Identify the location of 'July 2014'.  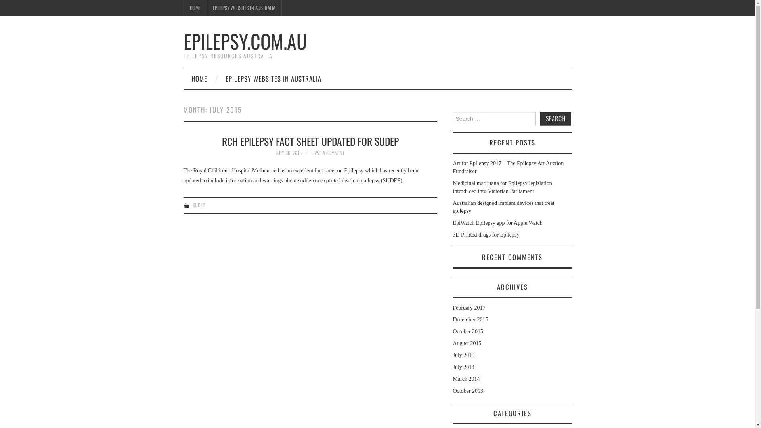
(463, 367).